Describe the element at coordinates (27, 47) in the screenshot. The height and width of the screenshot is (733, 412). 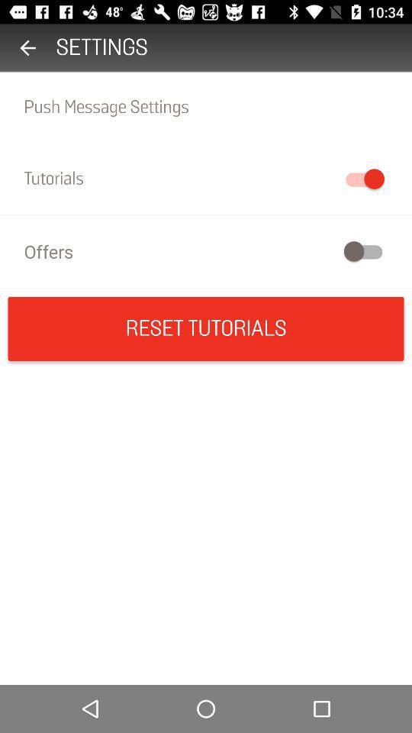
I see `the icon next to the settings item` at that location.